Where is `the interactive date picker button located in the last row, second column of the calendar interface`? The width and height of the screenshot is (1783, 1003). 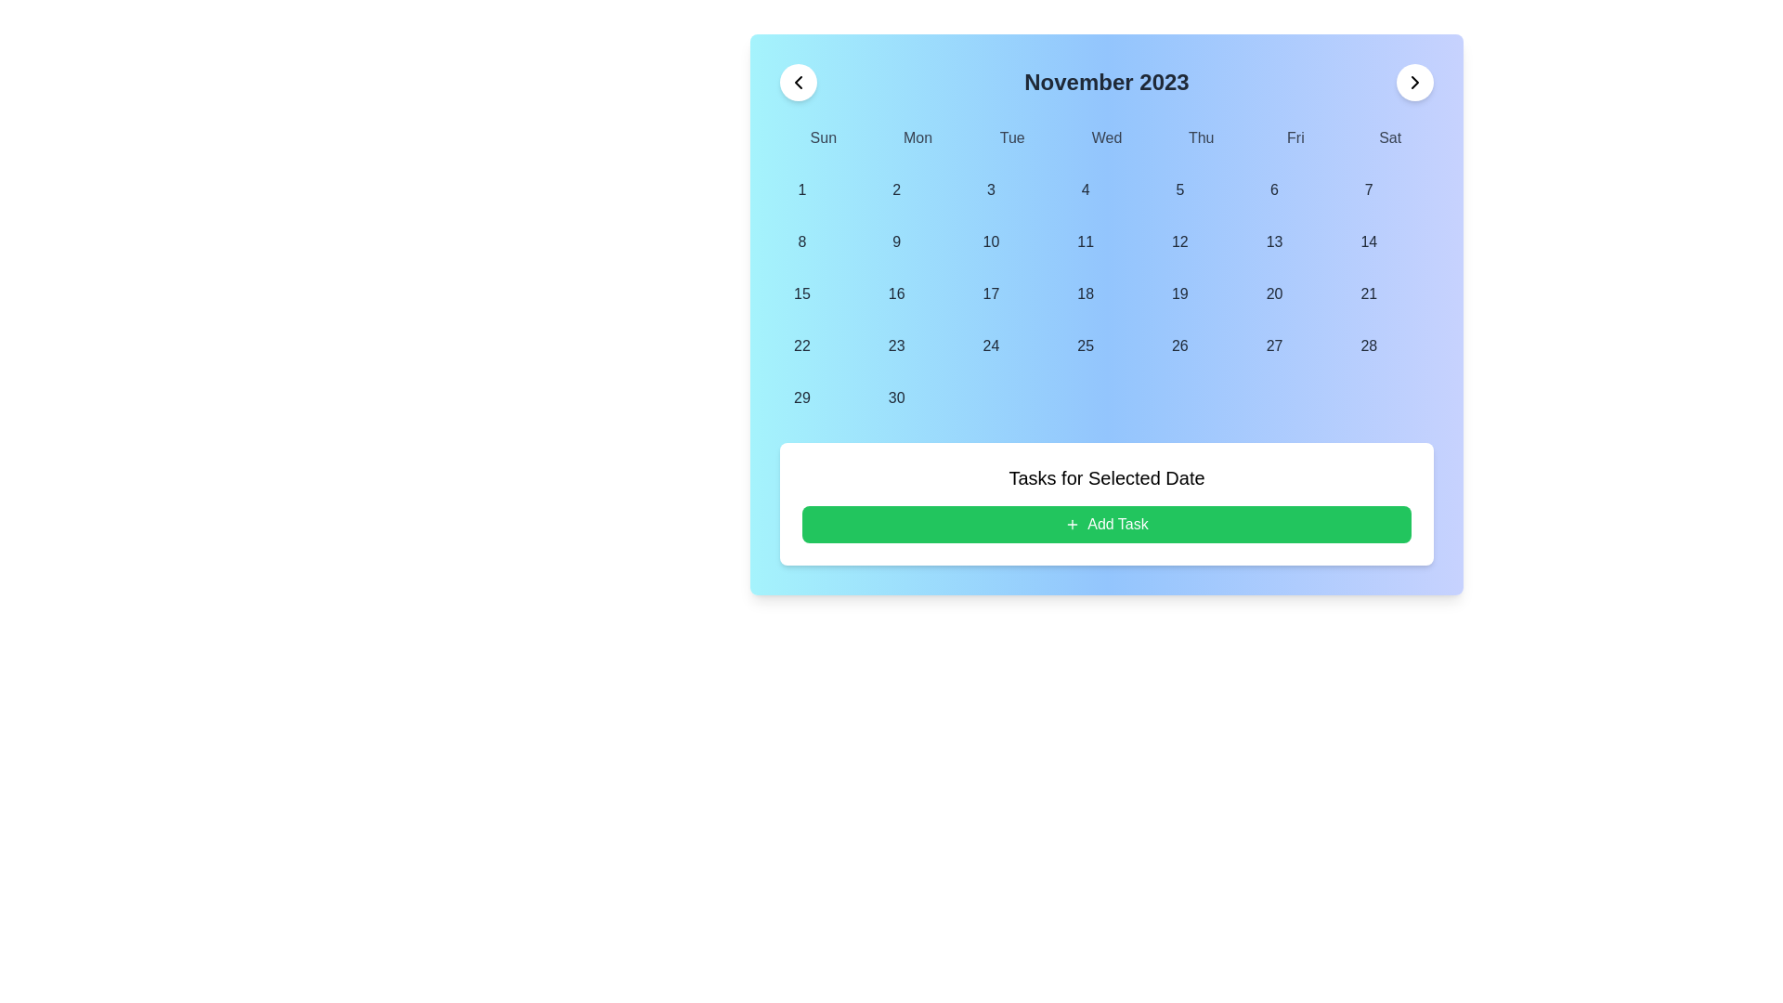 the interactive date picker button located in the last row, second column of the calendar interface is located at coordinates (896, 397).